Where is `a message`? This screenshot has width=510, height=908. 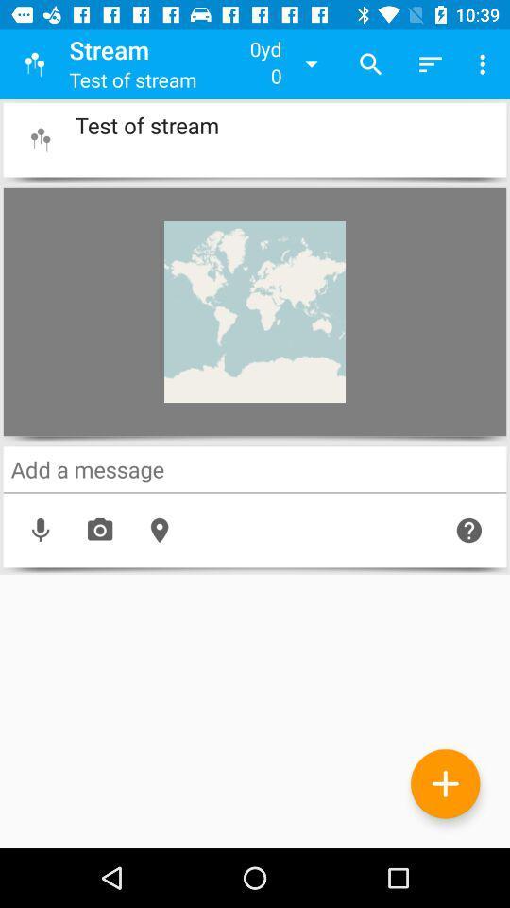
a message is located at coordinates (255, 468).